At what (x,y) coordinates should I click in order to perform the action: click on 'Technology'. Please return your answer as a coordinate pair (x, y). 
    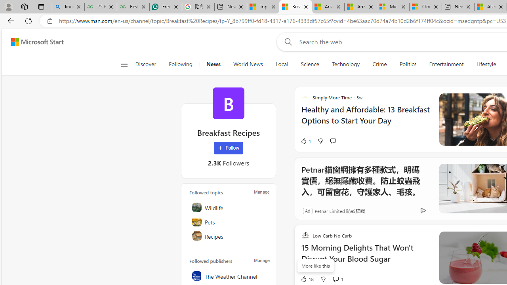
    Looking at the image, I should click on (345, 64).